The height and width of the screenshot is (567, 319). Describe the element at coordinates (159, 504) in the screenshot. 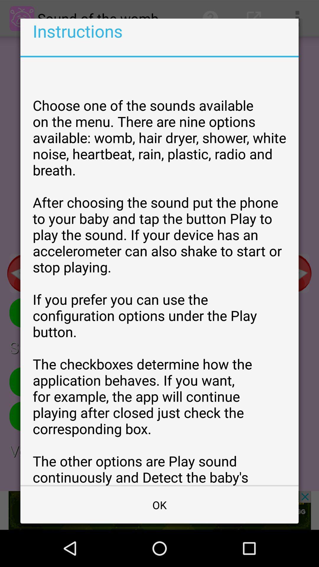

I see `the app below the choose one of item` at that location.